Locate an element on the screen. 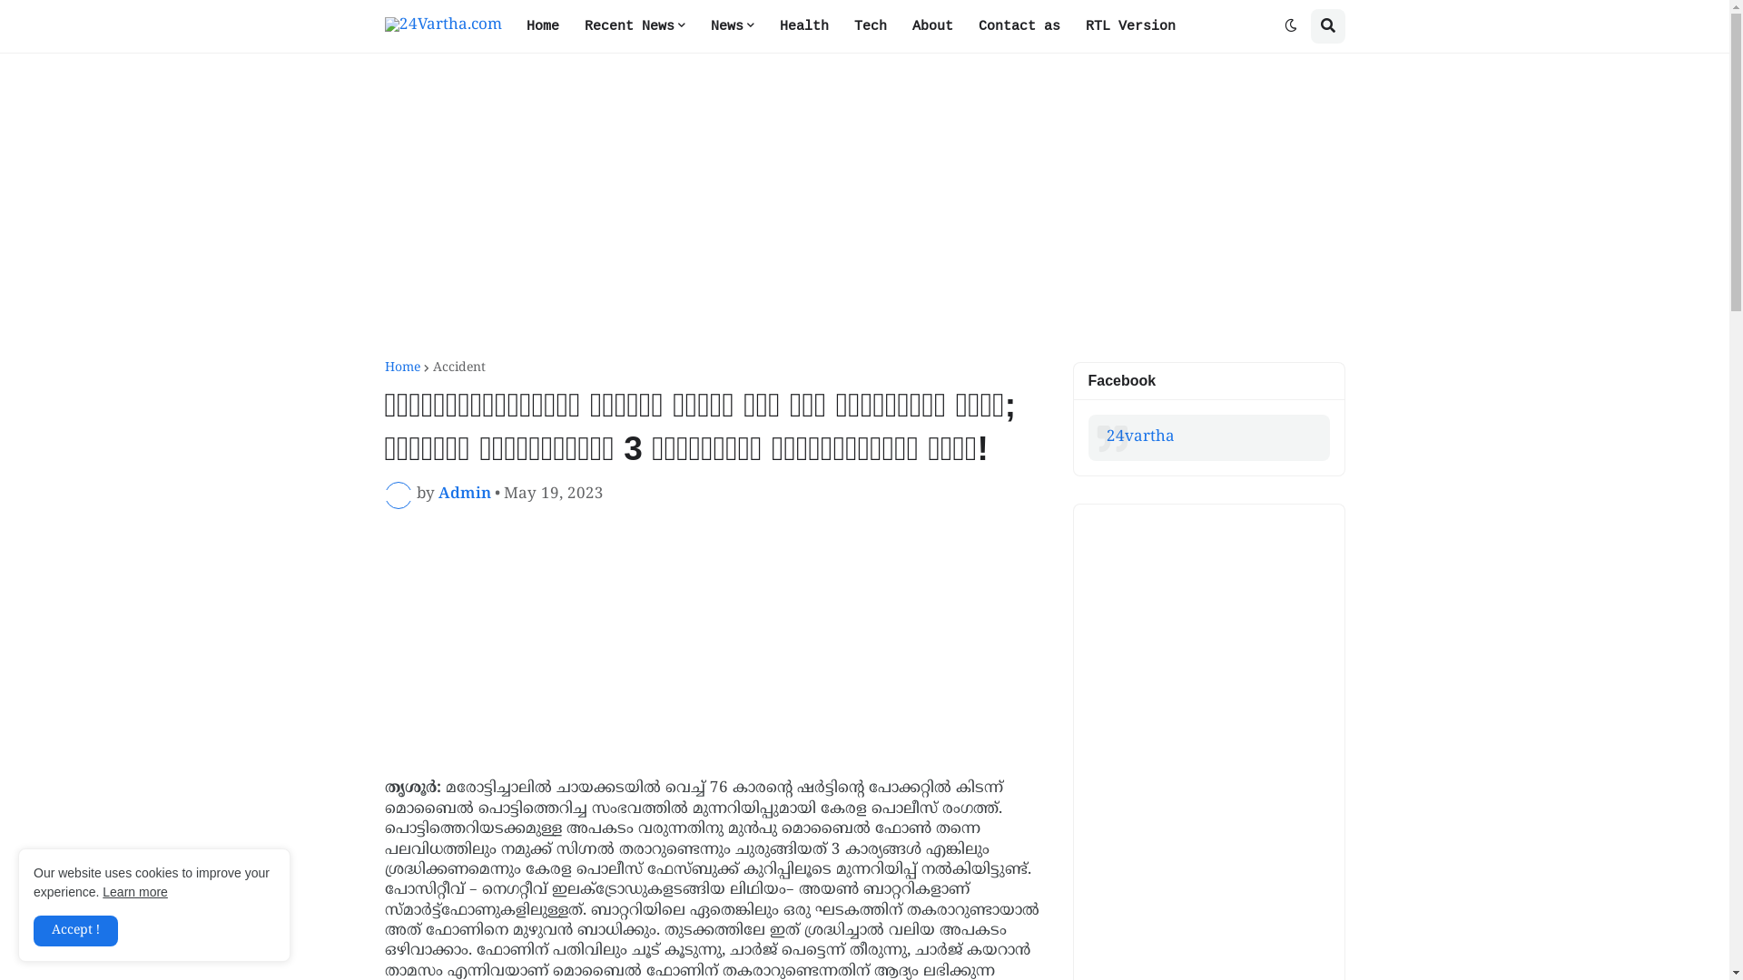 The height and width of the screenshot is (980, 1743). 'Health' is located at coordinates (802, 26).